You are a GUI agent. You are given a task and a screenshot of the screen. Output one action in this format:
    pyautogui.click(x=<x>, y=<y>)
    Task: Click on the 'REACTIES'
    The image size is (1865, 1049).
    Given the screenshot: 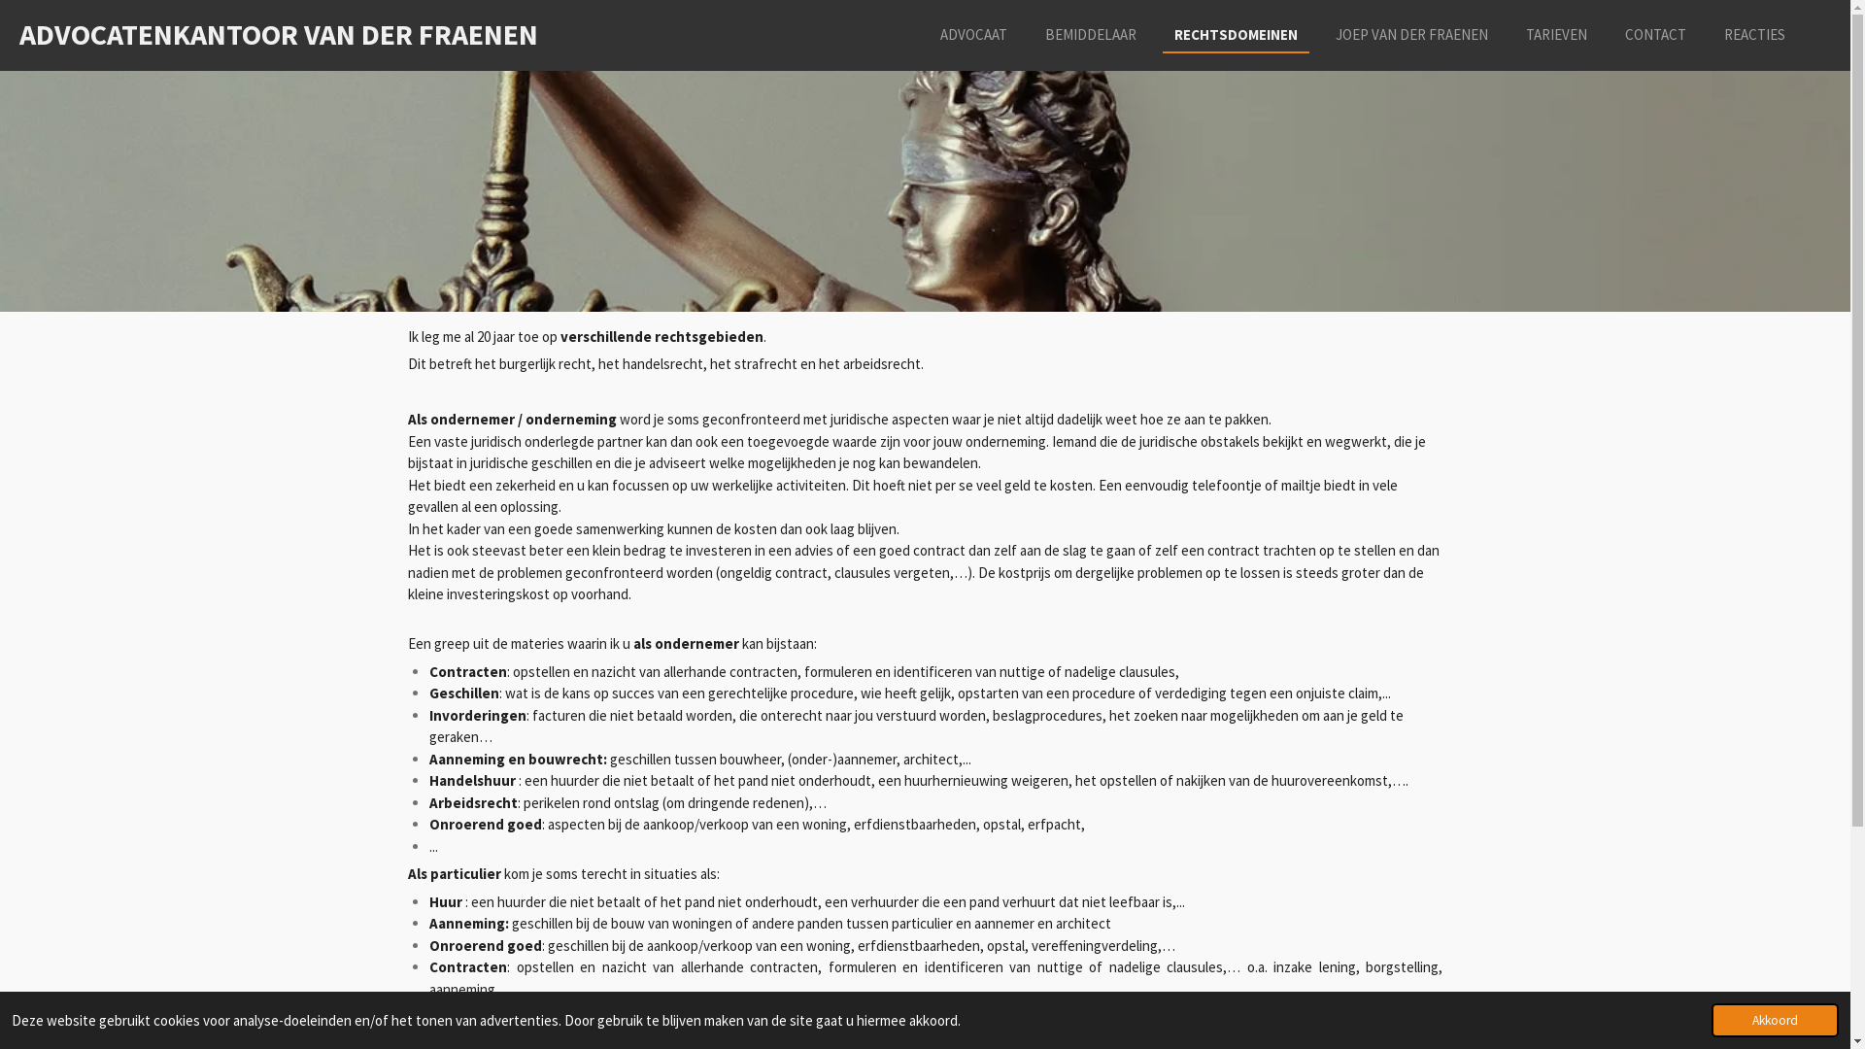 What is the action you would take?
    pyautogui.click(x=1712, y=35)
    